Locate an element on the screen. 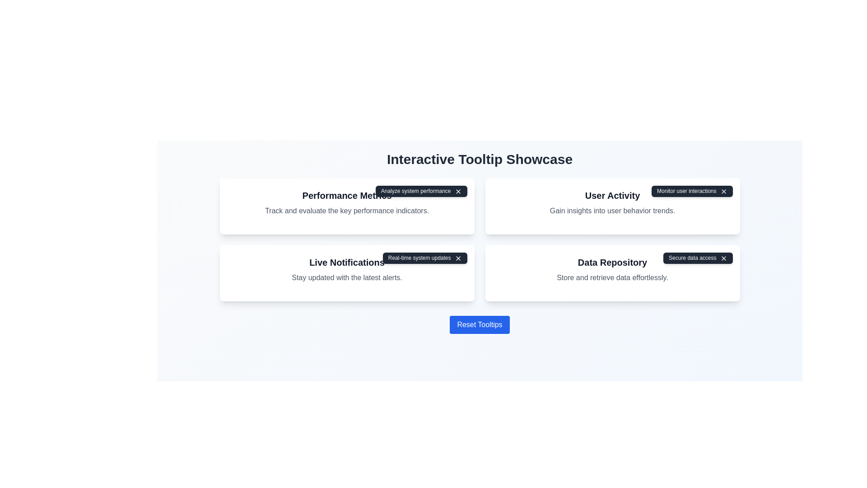 The height and width of the screenshot is (488, 867). the static text display located below 'Performance Metrics' and above the badge labeled 'Analyze system performance.' is located at coordinates (346, 211).